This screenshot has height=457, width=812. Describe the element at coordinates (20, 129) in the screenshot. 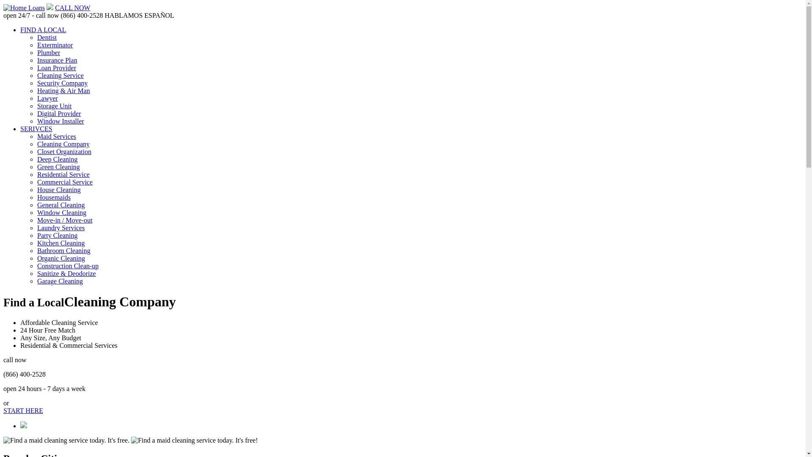

I see `'SERIVCES'` at that location.